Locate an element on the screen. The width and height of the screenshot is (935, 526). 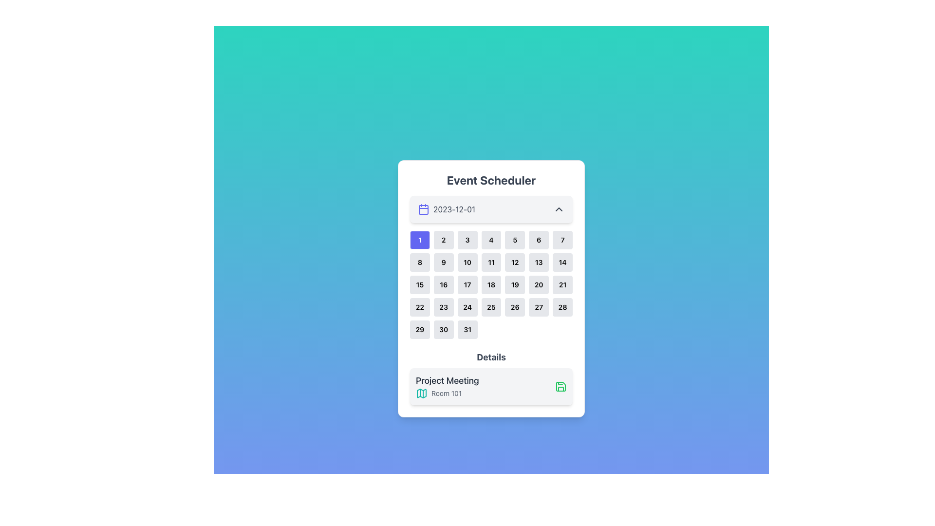
the button representing the date '16' in the calendar interface is located at coordinates (443, 285).